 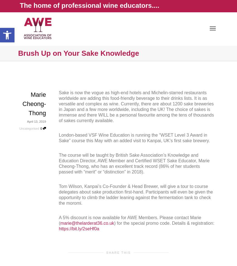 What do you see at coordinates (36, 121) in the screenshot?
I see `'April 13, 2019'` at bounding box center [36, 121].